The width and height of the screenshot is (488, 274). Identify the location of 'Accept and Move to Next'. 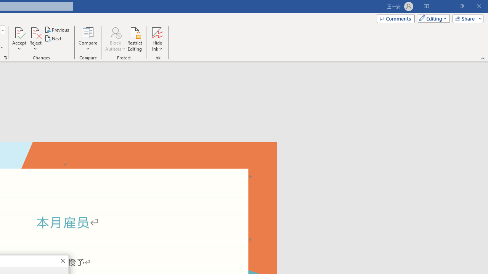
(19, 32).